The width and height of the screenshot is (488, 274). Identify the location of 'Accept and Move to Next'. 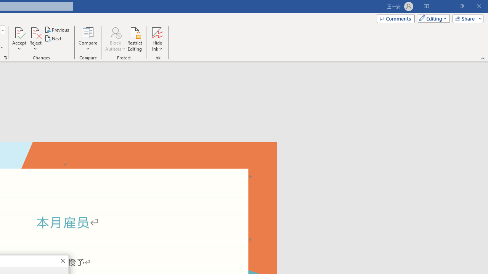
(19, 32).